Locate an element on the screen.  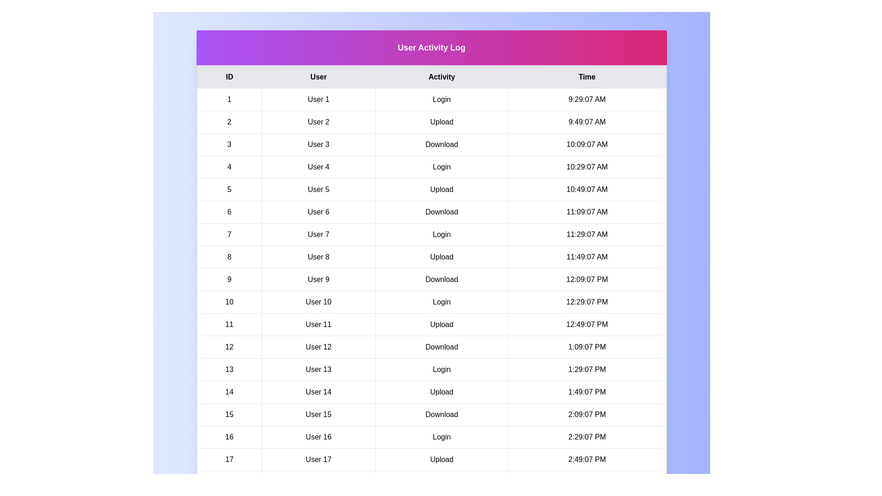
the row corresponding to 9 is located at coordinates (431, 279).